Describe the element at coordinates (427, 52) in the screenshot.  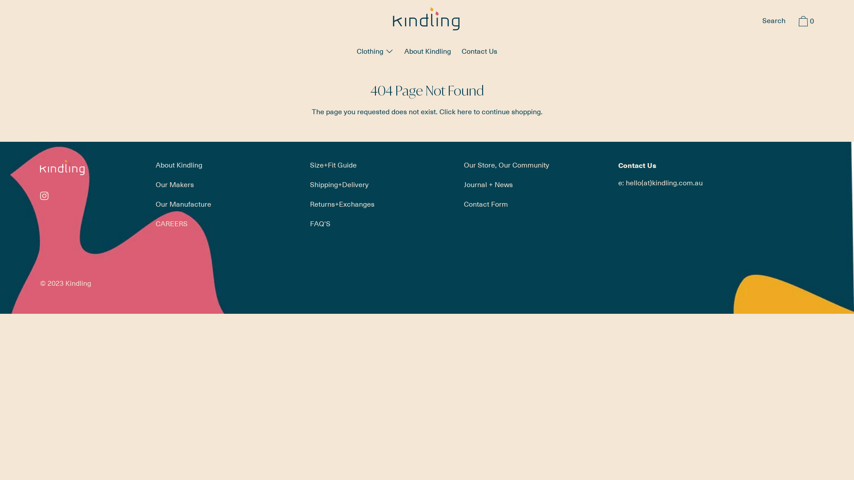
I see `'About Kindling'` at that location.